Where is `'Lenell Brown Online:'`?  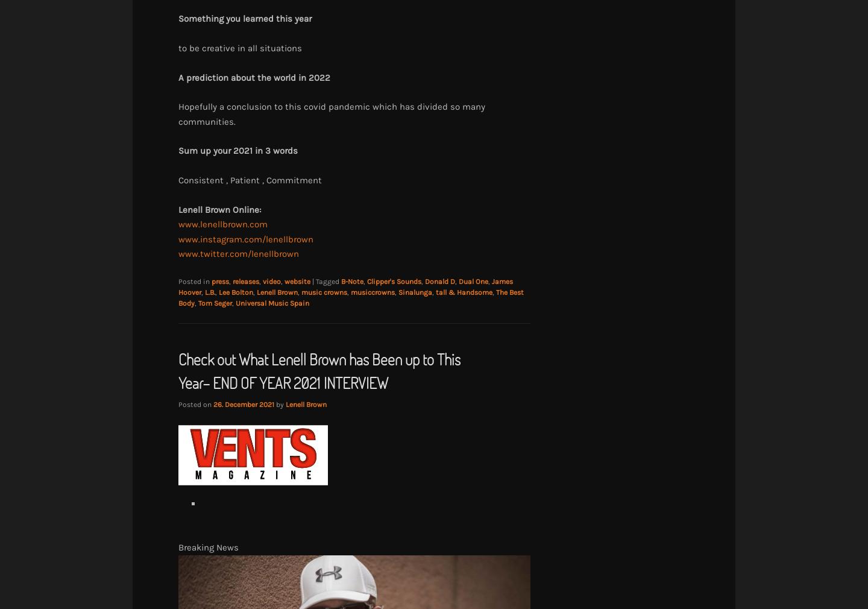
'Lenell Brown Online:' is located at coordinates (219, 209).